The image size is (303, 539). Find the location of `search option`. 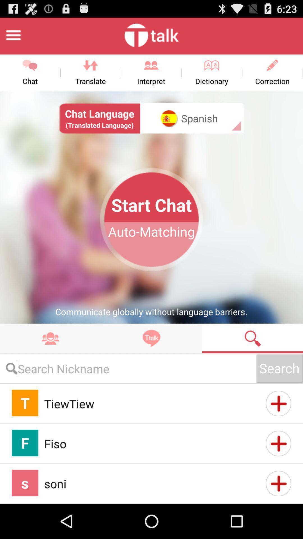

search option is located at coordinates (128, 369).